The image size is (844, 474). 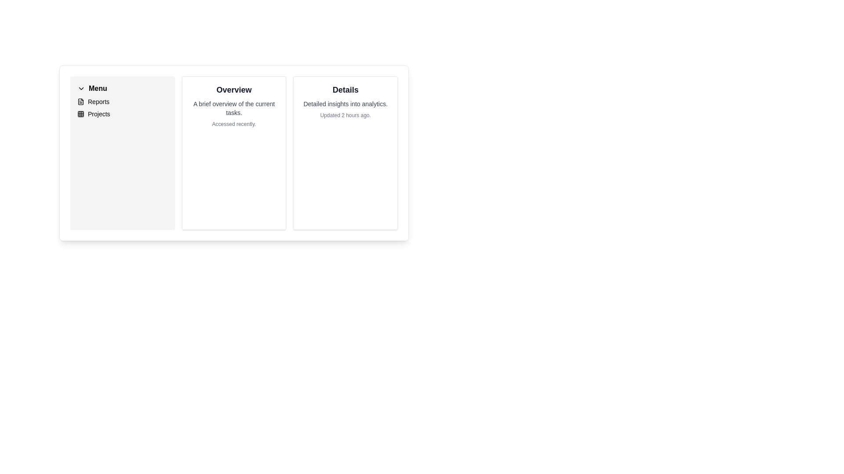 I want to click on the downward-facing chevron icon located to the left of the 'Menu' text, so click(x=81, y=88).